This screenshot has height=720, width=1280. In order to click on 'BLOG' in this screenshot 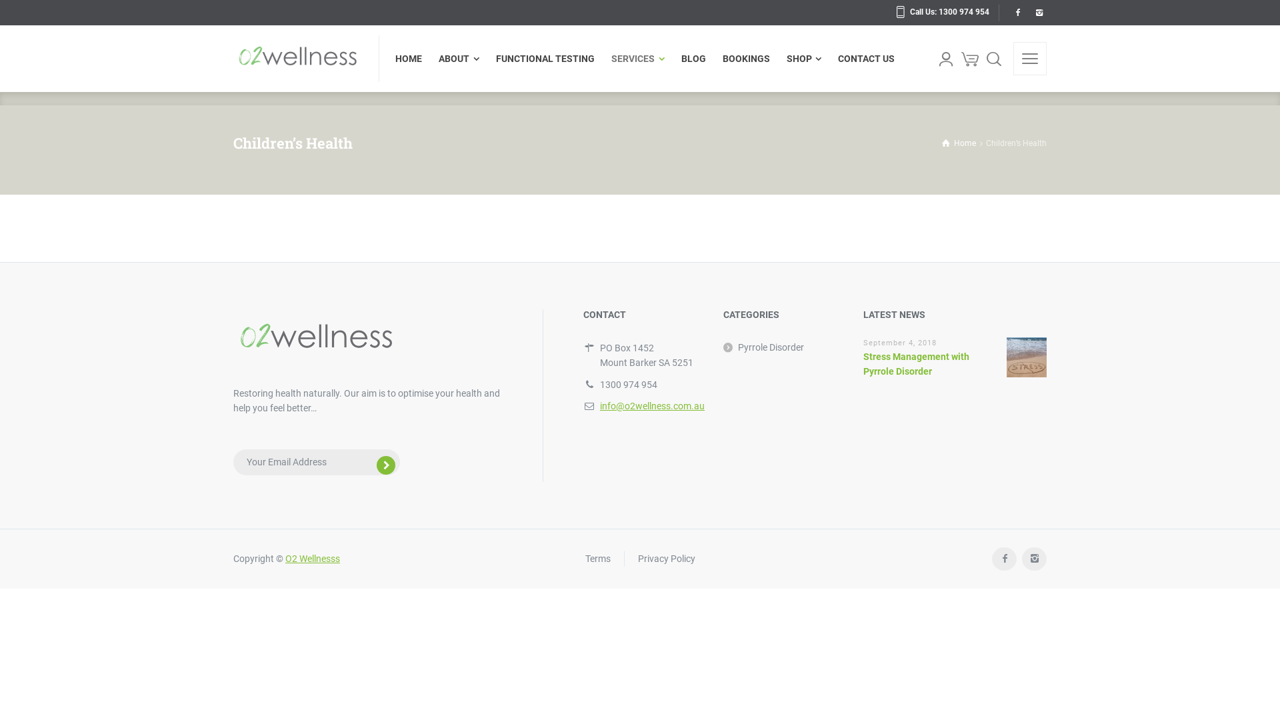, I will do `click(693, 58)`.